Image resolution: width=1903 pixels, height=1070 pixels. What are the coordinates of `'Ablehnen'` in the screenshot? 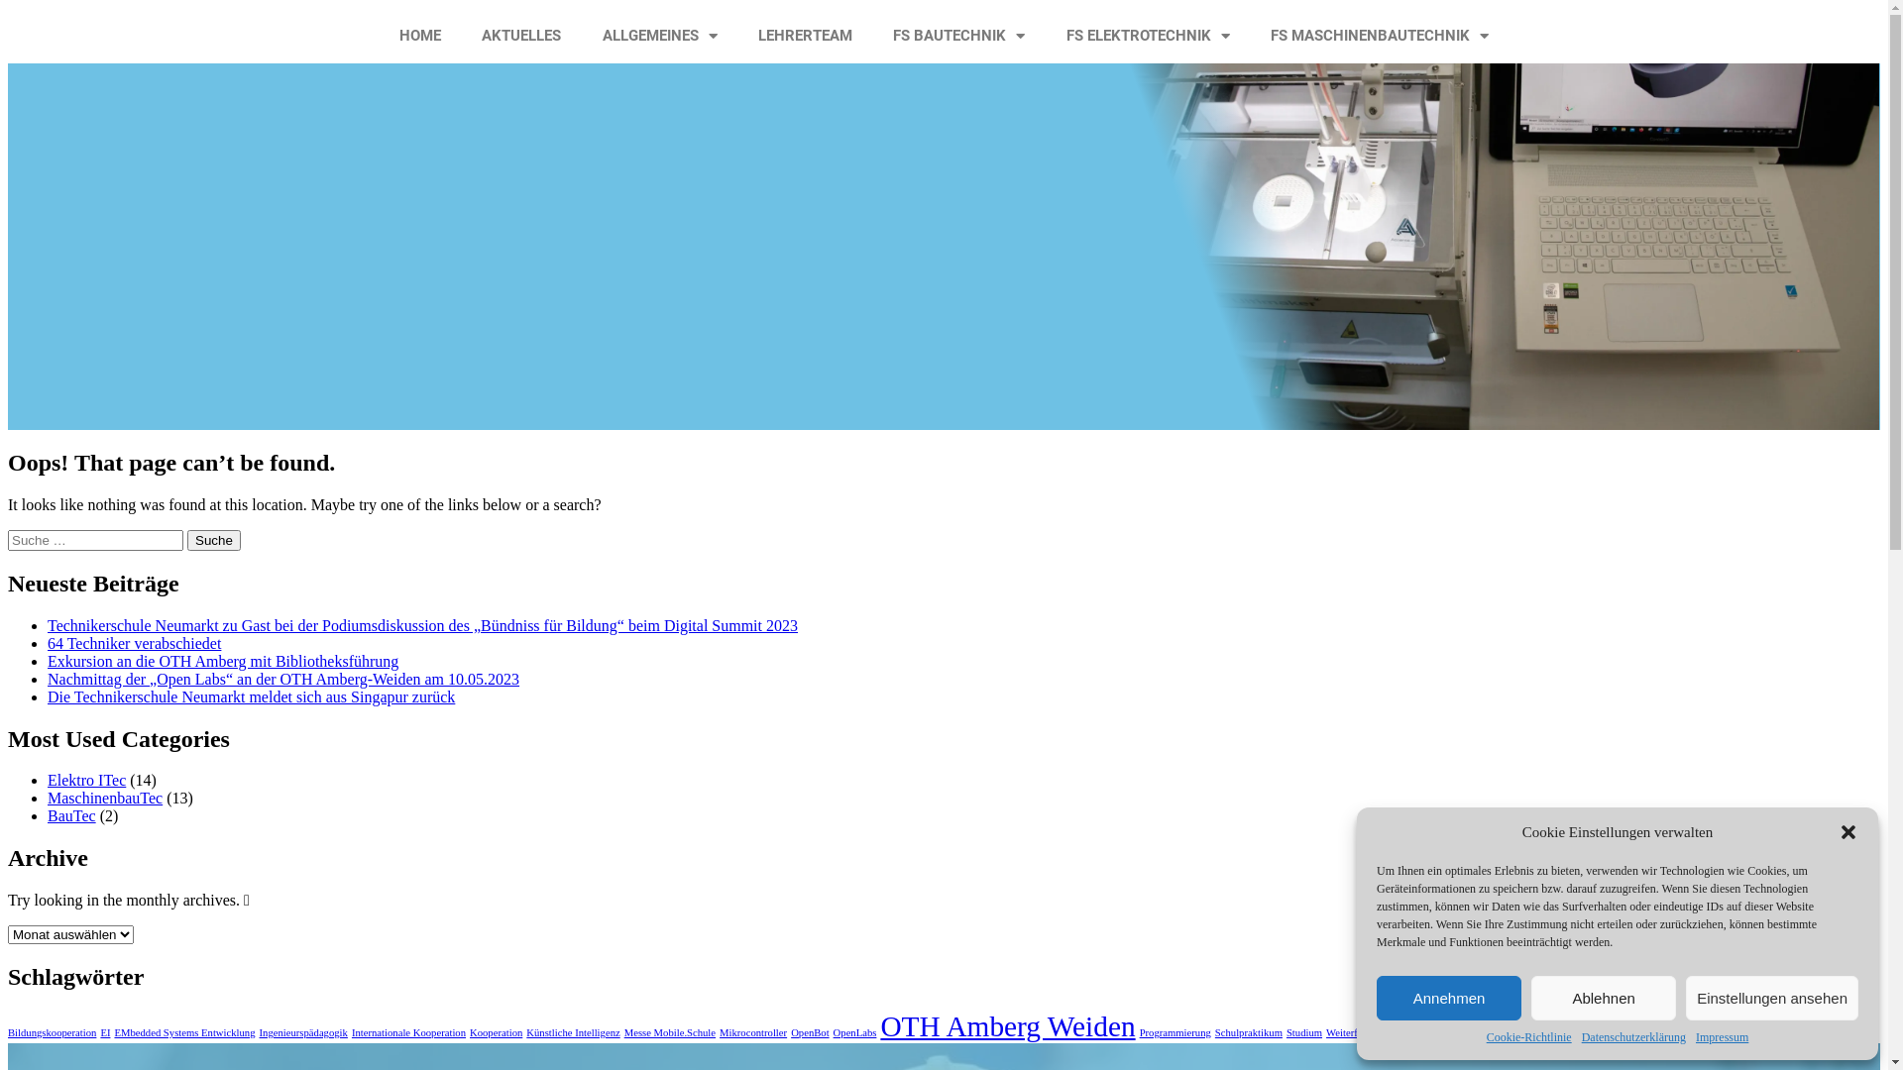 It's located at (1603, 998).